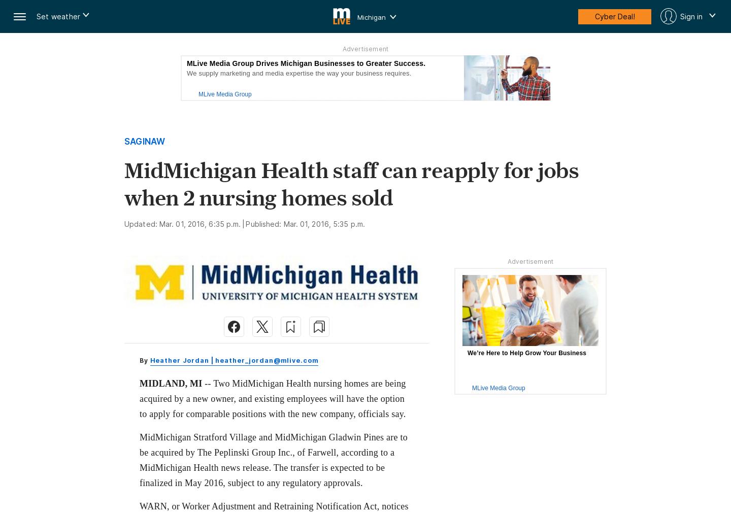 Image resolution: width=731 pixels, height=516 pixels. What do you see at coordinates (251, 484) in the screenshot?
I see `'Already a subscriber?'` at bounding box center [251, 484].